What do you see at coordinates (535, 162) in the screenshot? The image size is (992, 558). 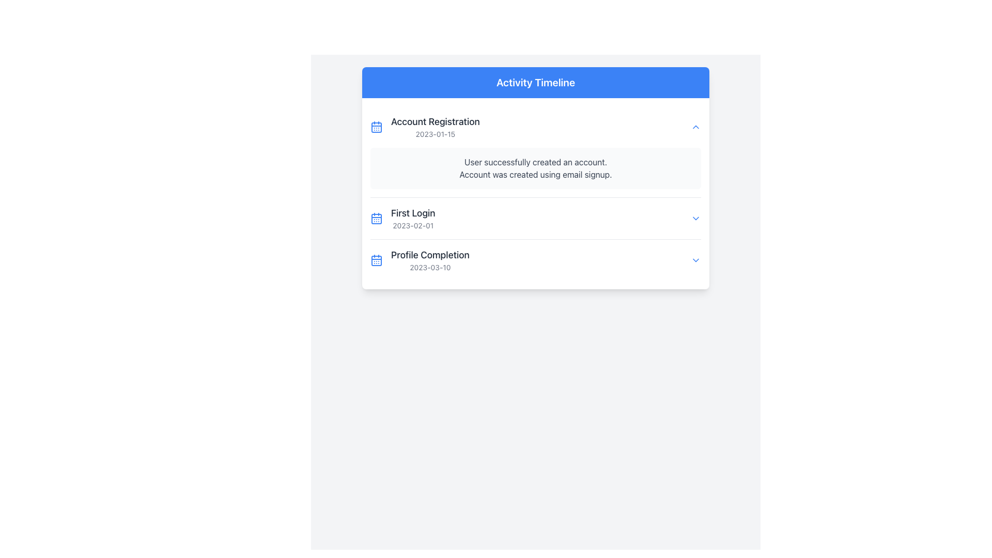 I see `the static text displaying 'User successfully created an account.' which is located within the 'Activity Timeline' panel under the 'Account Registration' section` at bounding box center [535, 162].